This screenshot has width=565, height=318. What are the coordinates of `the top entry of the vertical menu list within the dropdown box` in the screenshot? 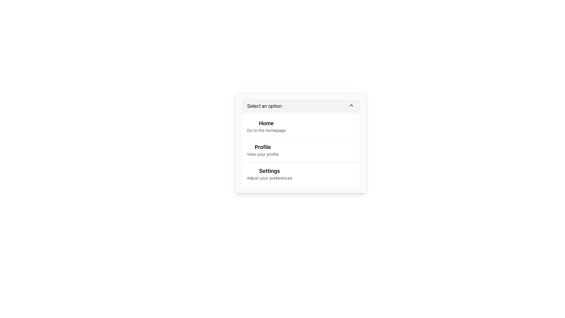 It's located at (265, 126).